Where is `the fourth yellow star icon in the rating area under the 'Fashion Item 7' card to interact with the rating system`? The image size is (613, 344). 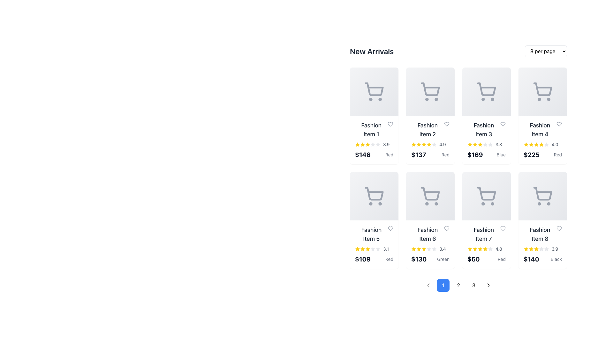
the fourth yellow star icon in the rating area under the 'Fashion Item 7' card to interact with the rating system is located at coordinates (475, 248).